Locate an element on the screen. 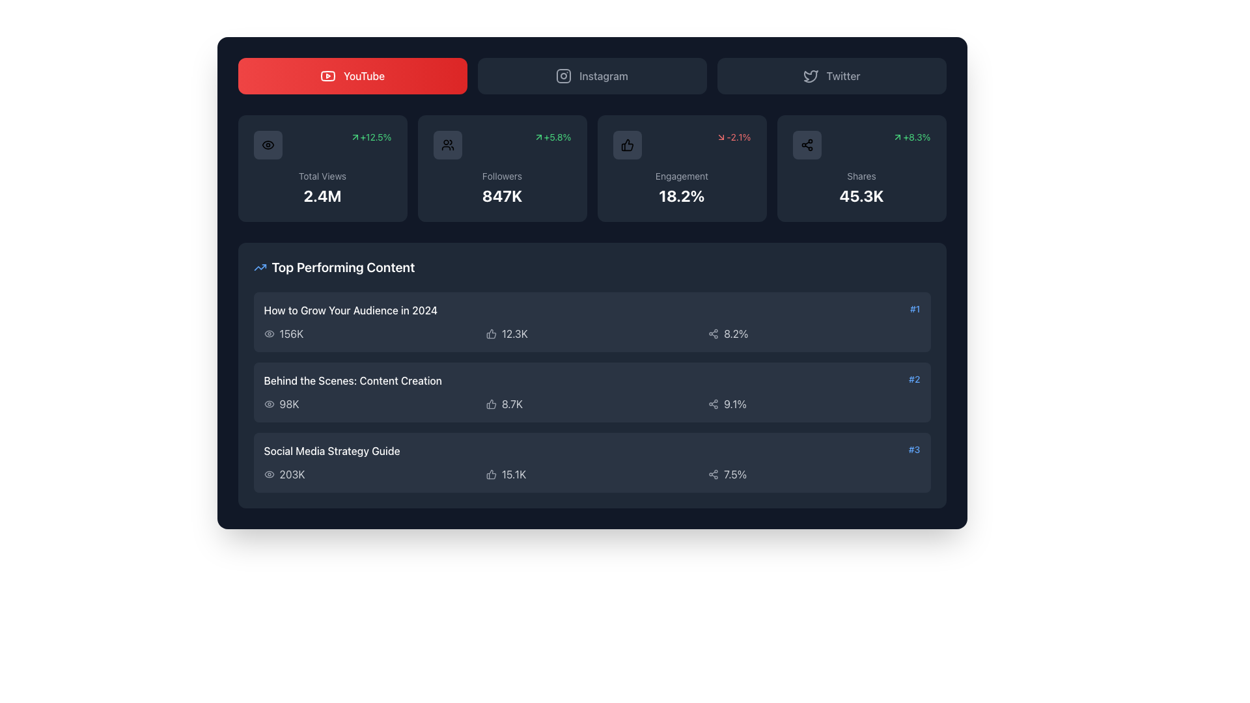 The width and height of the screenshot is (1250, 703). the static text label that reads 'How to Grow Your Audience in 2024', which is the title of the first item in the 'Top Performing Content' section is located at coordinates (350, 310).